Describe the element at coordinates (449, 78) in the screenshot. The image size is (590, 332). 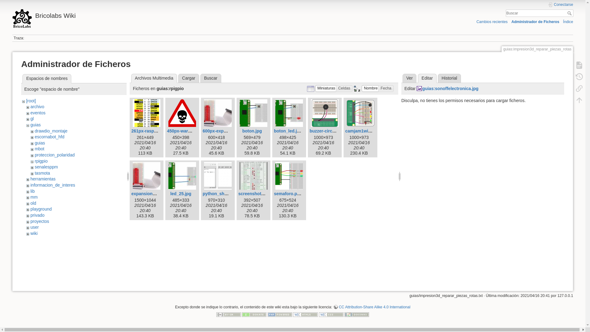
I see `'Historial'` at that location.